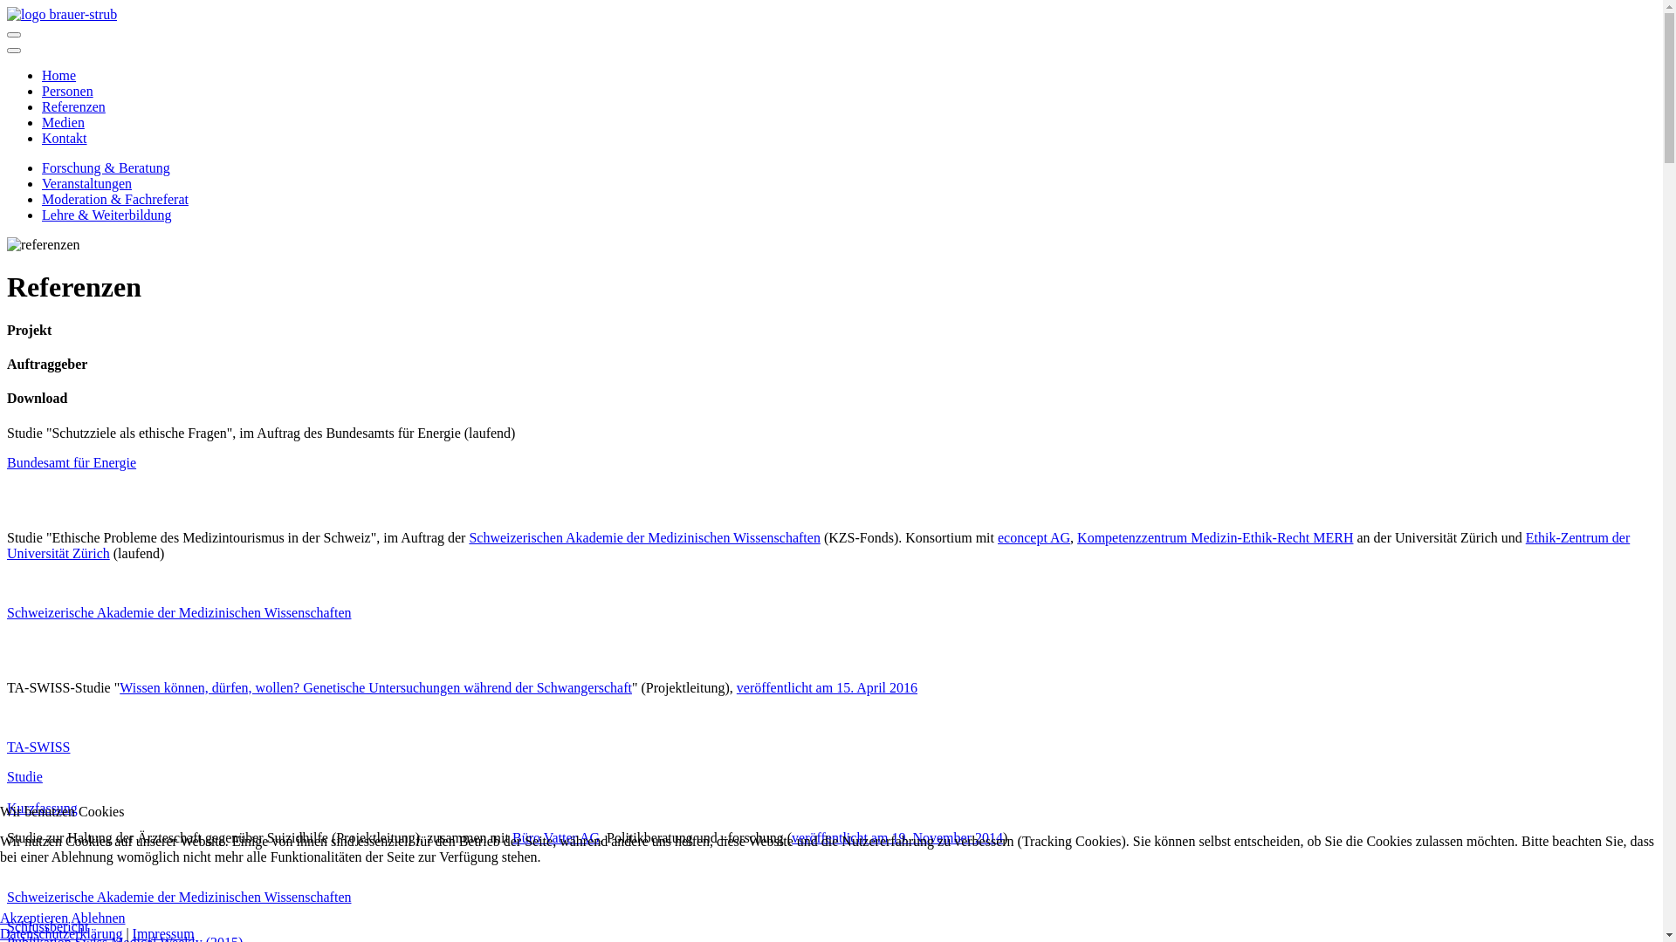 Image resolution: width=1676 pixels, height=942 pixels. Describe the element at coordinates (42, 214) in the screenshot. I see `'Lehre & Weiterbildung'` at that location.